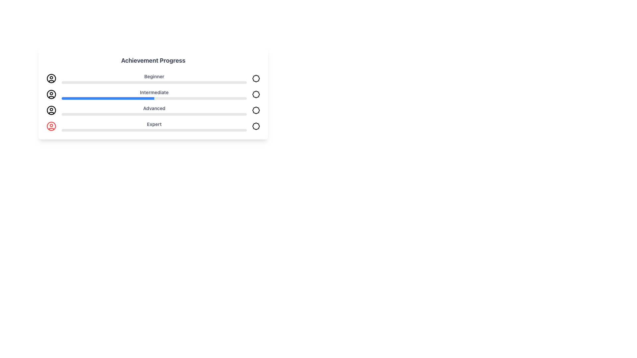 The width and height of the screenshot is (637, 358). Describe the element at coordinates (256, 126) in the screenshot. I see `the flower-like badge icon located near the 'Expert' text` at that location.